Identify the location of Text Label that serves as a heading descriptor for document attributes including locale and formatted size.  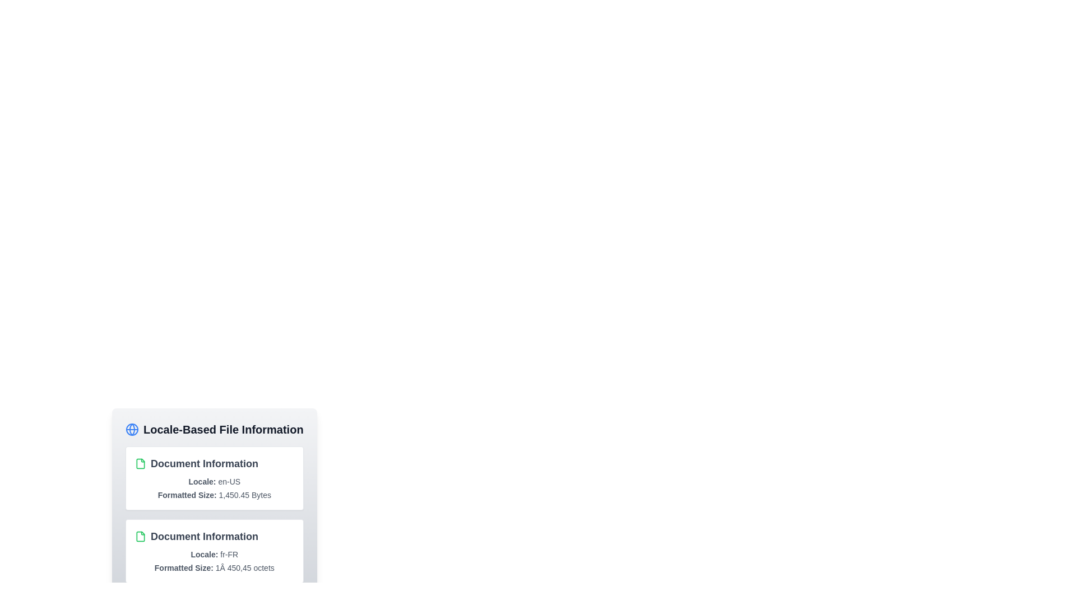
(214, 464).